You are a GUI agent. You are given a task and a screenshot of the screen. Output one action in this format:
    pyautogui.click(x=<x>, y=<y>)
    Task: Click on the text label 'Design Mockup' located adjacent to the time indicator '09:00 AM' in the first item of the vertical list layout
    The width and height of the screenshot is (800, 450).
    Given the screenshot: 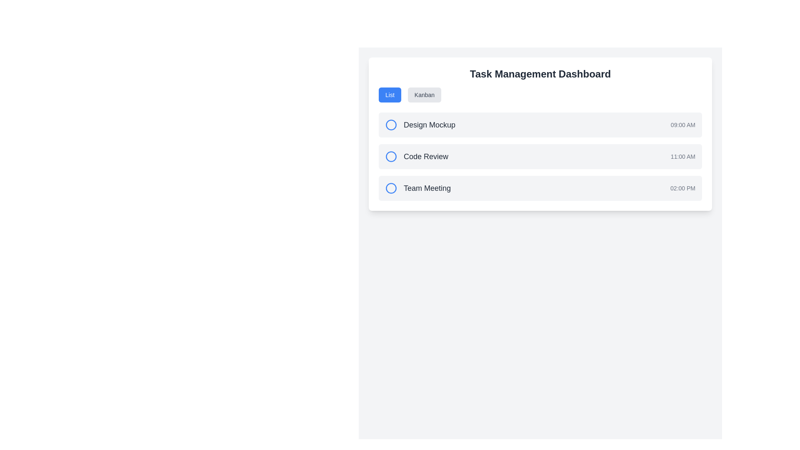 What is the action you would take?
    pyautogui.click(x=420, y=125)
    